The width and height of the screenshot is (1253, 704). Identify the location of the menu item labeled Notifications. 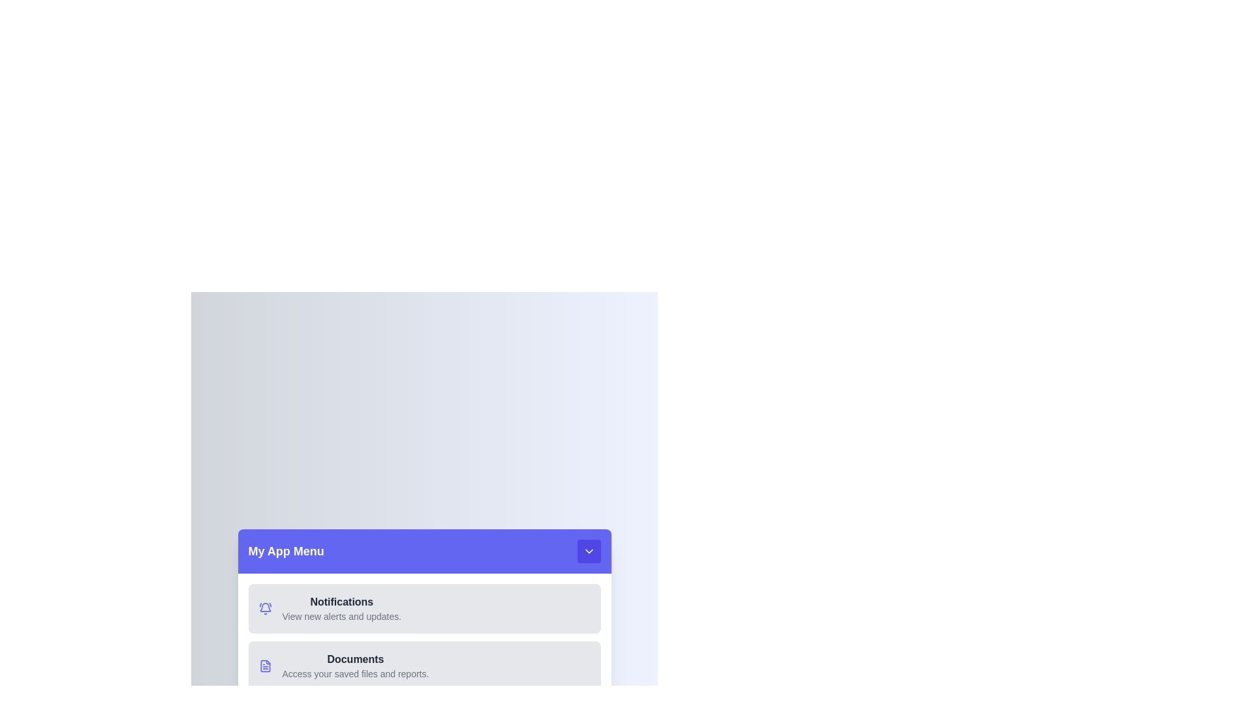
(424, 608).